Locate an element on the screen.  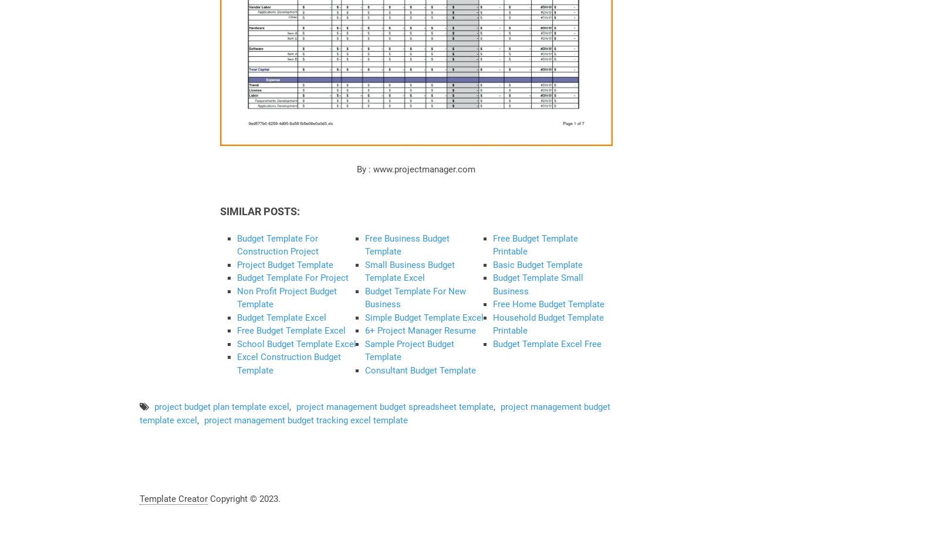
'Basic Budget Template' is located at coordinates (537, 264).